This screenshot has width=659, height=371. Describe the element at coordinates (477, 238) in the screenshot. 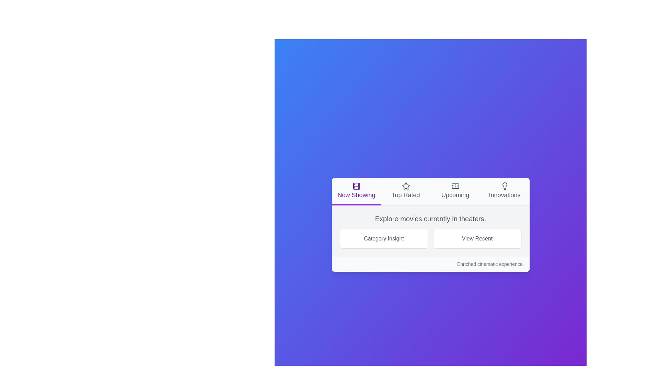

I see `the 'View Recent' button, which is a rectangular button with a white background and the text 'View Recent' centered in a dark font, located` at that location.